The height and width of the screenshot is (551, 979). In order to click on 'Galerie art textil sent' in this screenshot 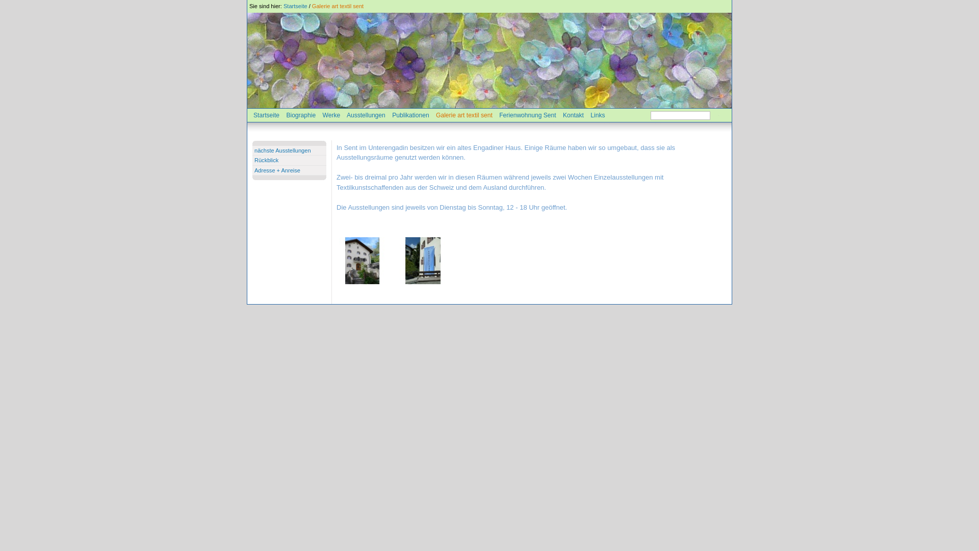, I will do `click(338, 6)`.